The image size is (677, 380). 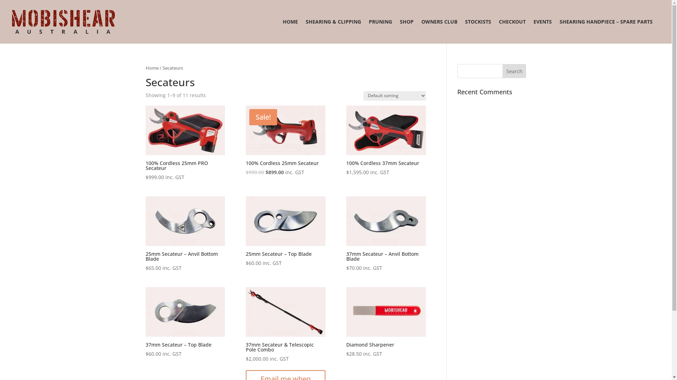 I want to click on 'OWNERS CLUB', so click(x=439, y=31).